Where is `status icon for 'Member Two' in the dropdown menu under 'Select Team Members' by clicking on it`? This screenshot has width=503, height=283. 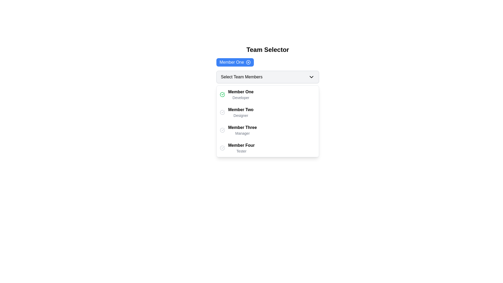 status icon for 'Member Two' in the dropdown menu under 'Select Team Members' by clicking on it is located at coordinates (222, 112).